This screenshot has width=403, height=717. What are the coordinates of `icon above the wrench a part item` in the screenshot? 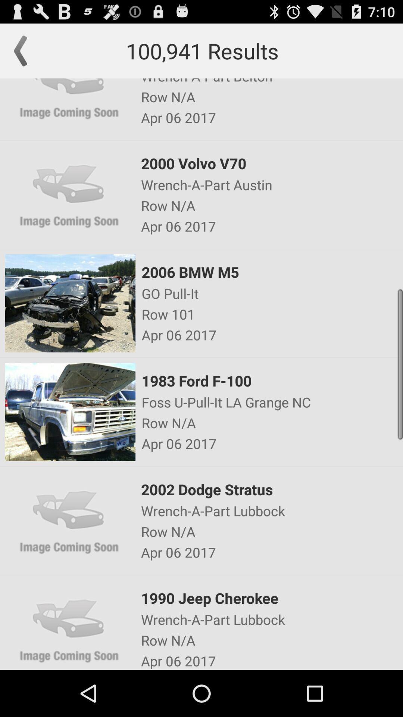 It's located at (271, 598).